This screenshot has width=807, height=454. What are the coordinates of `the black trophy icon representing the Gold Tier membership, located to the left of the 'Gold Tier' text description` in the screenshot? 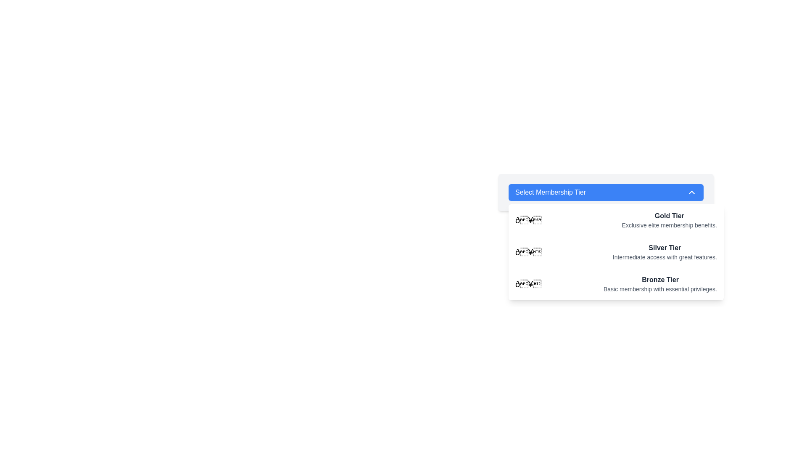 It's located at (528, 220).